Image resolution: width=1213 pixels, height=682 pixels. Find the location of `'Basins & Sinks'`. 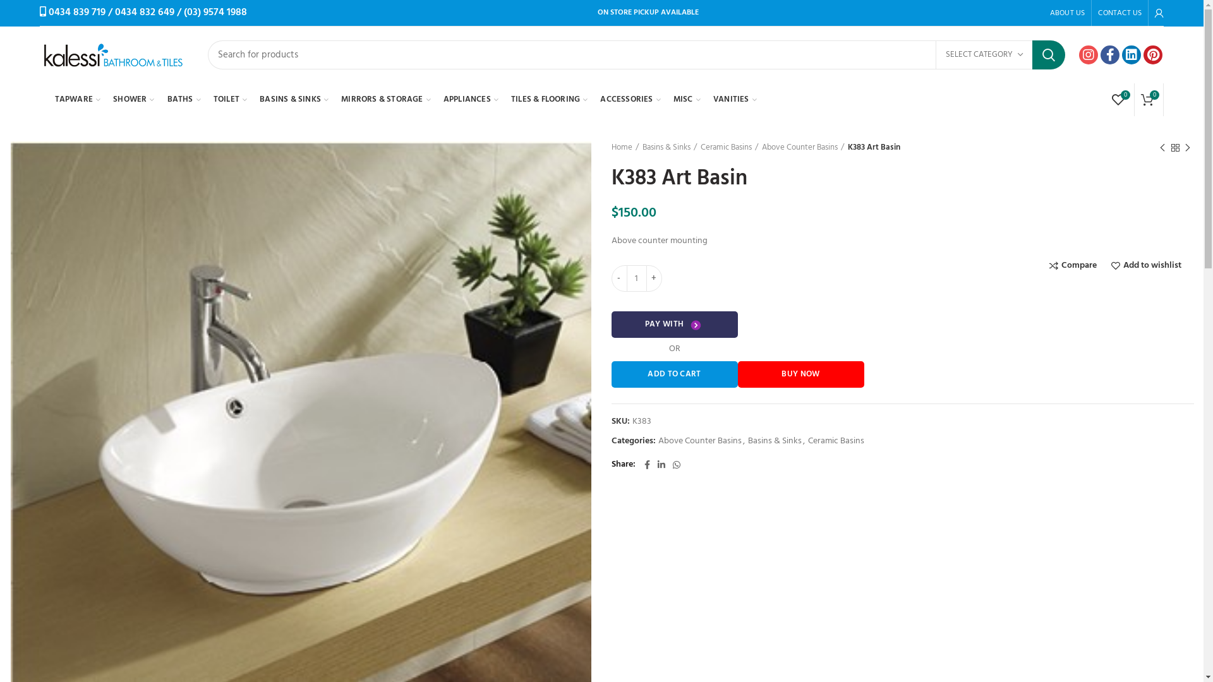

'Basins & Sinks' is located at coordinates (668, 147).